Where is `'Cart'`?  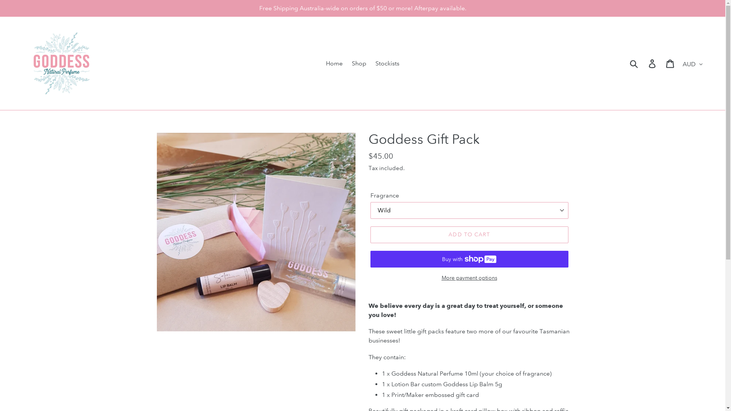
'Cart' is located at coordinates (670, 63).